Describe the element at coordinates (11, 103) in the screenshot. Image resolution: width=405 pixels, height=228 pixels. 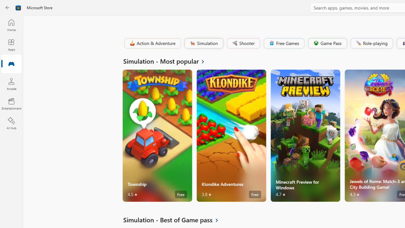
I see `'Entertainment'` at that location.